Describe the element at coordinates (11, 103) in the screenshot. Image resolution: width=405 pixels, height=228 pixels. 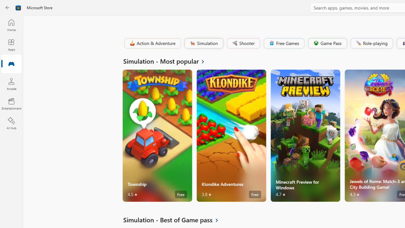
I see `'Entertainment'` at that location.